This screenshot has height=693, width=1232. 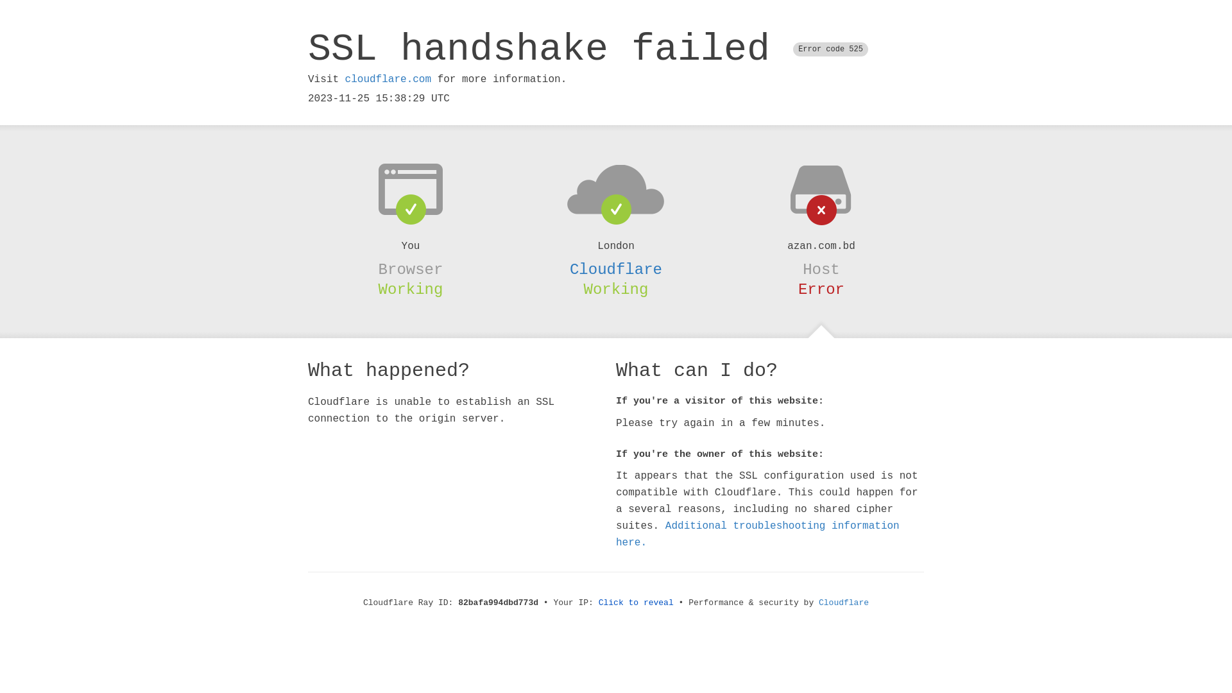 I want to click on 'cloudflare.com', so click(x=345, y=79).